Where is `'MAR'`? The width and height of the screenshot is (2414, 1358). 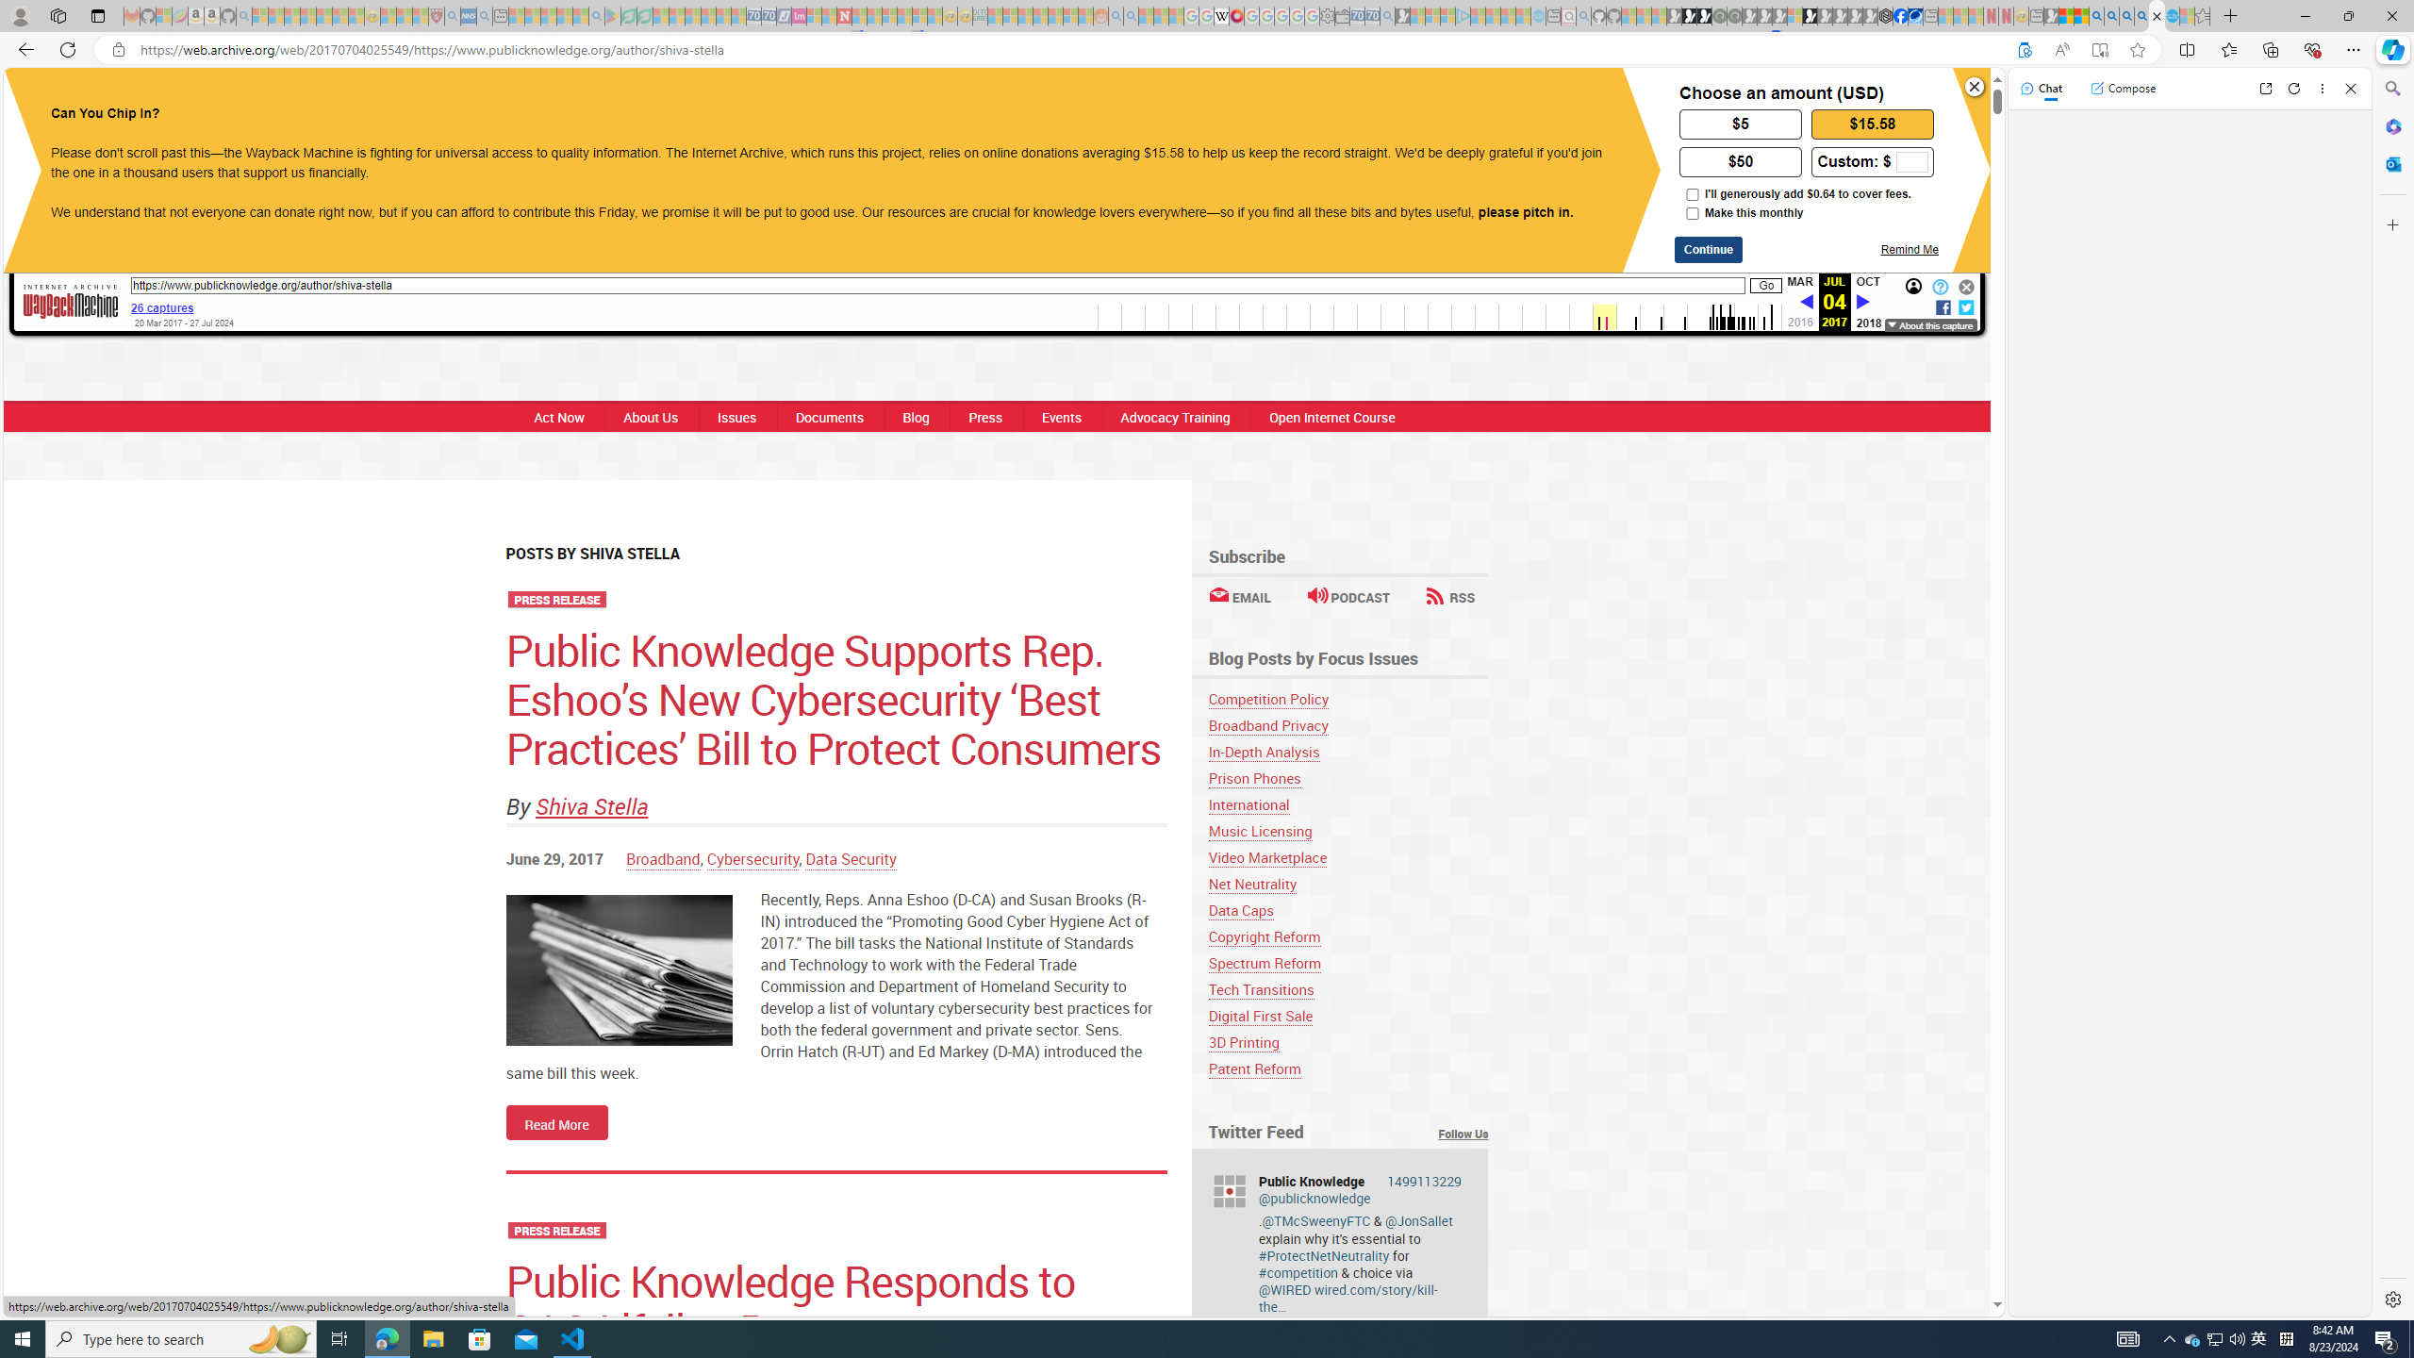 'MAR' is located at coordinates (1798, 281).